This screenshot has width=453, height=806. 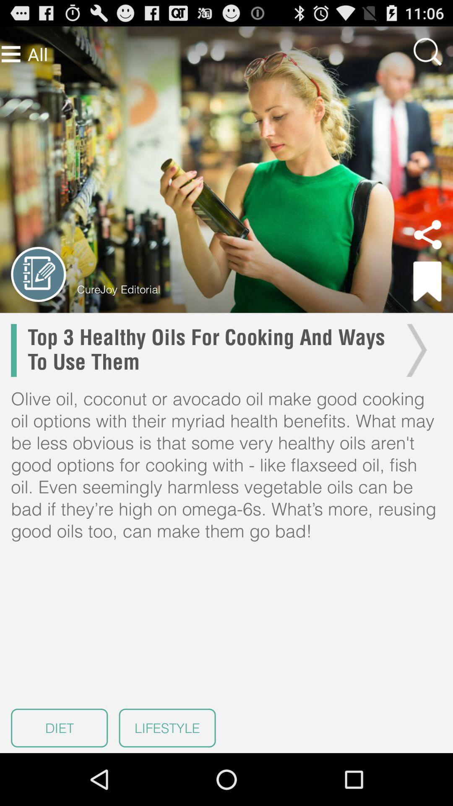 I want to click on the arrow_forward icon, so click(x=414, y=374).